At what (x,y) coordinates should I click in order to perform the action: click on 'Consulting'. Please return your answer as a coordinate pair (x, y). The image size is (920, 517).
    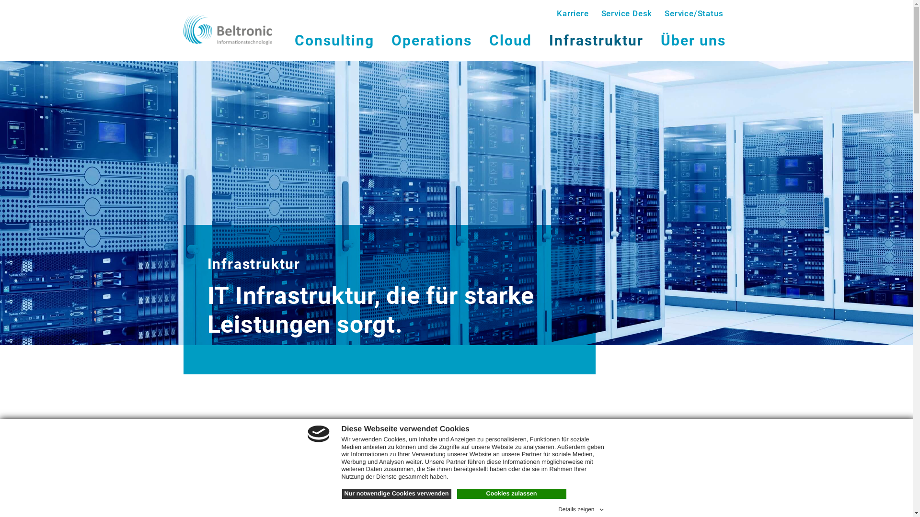
    Looking at the image, I should click on (333, 40).